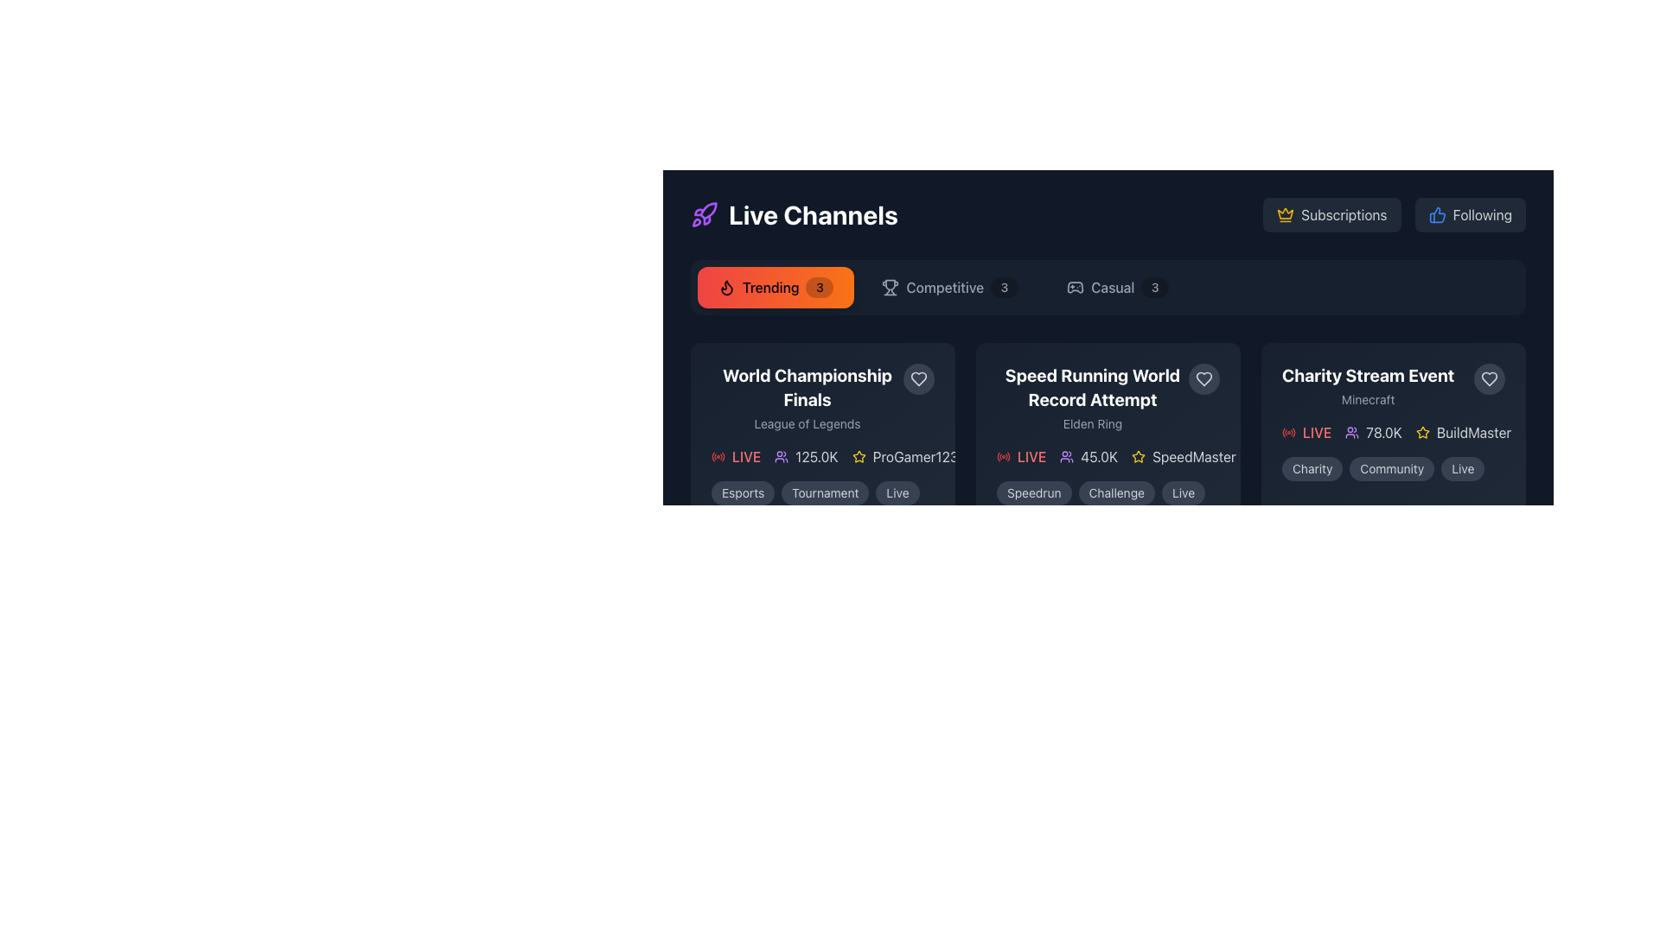  I want to click on the 'Community' label located in the Multi-item badge group at the bottom of the 'Charity Stream Event' card, following the 'LIVE' icon and viewer count '78.0K', so click(1394, 469).